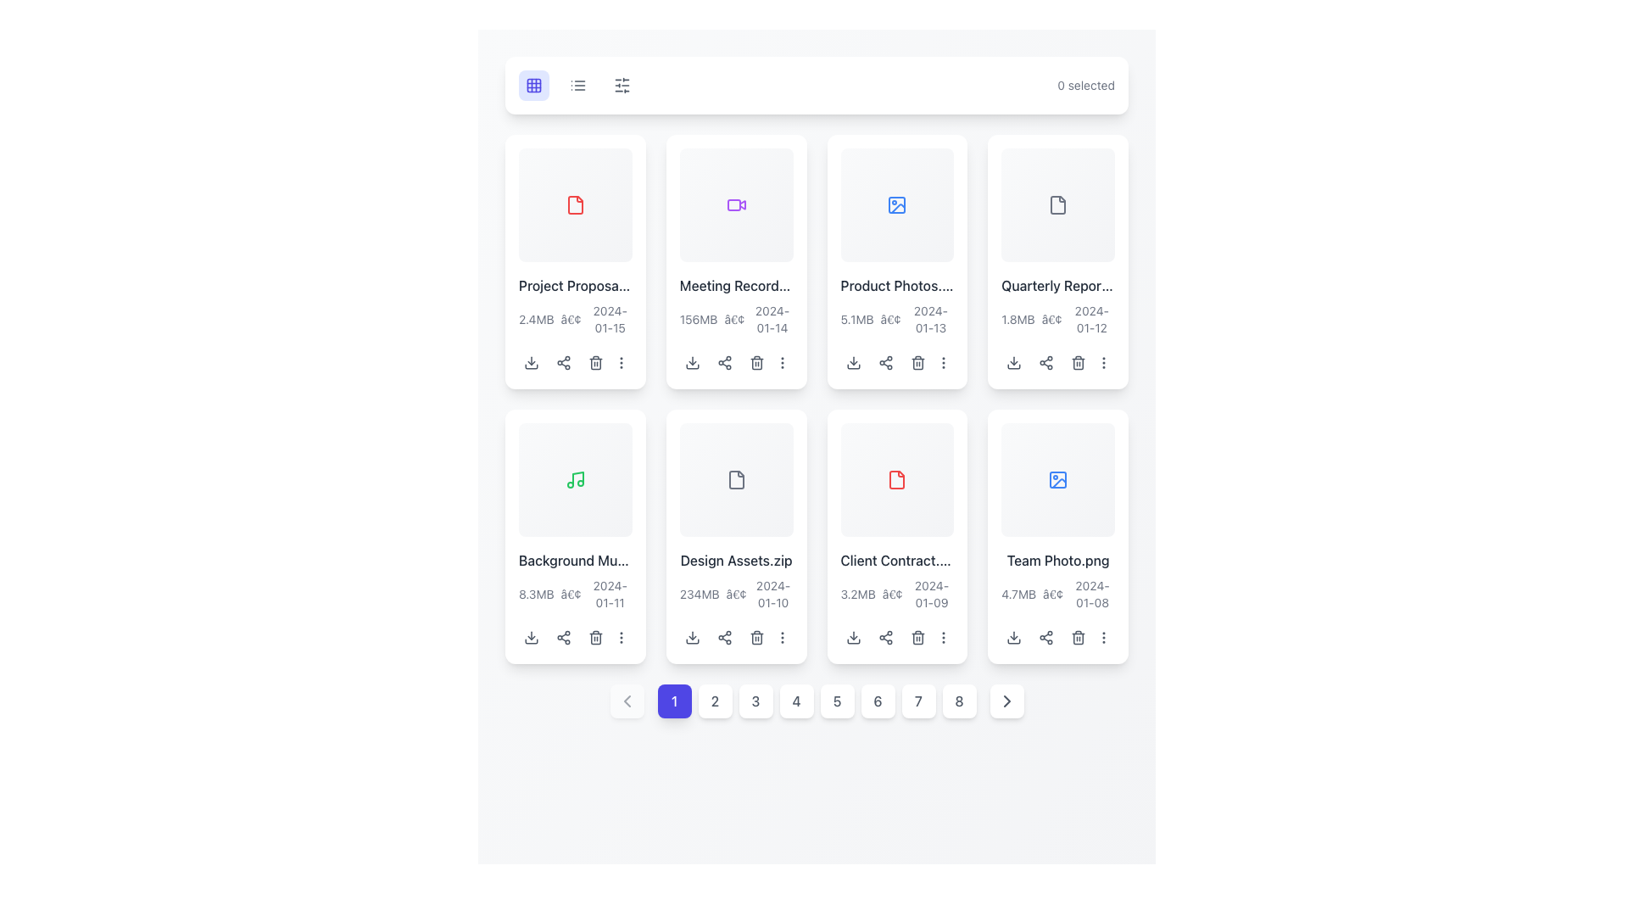 The image size is (1628, 916). Describe the element at coordinates (1057, 261) in the screenshot. I see `to select the File card labeled 'Quarterly Report.xlsx' located in the top-right position of the grid layout` at that location.